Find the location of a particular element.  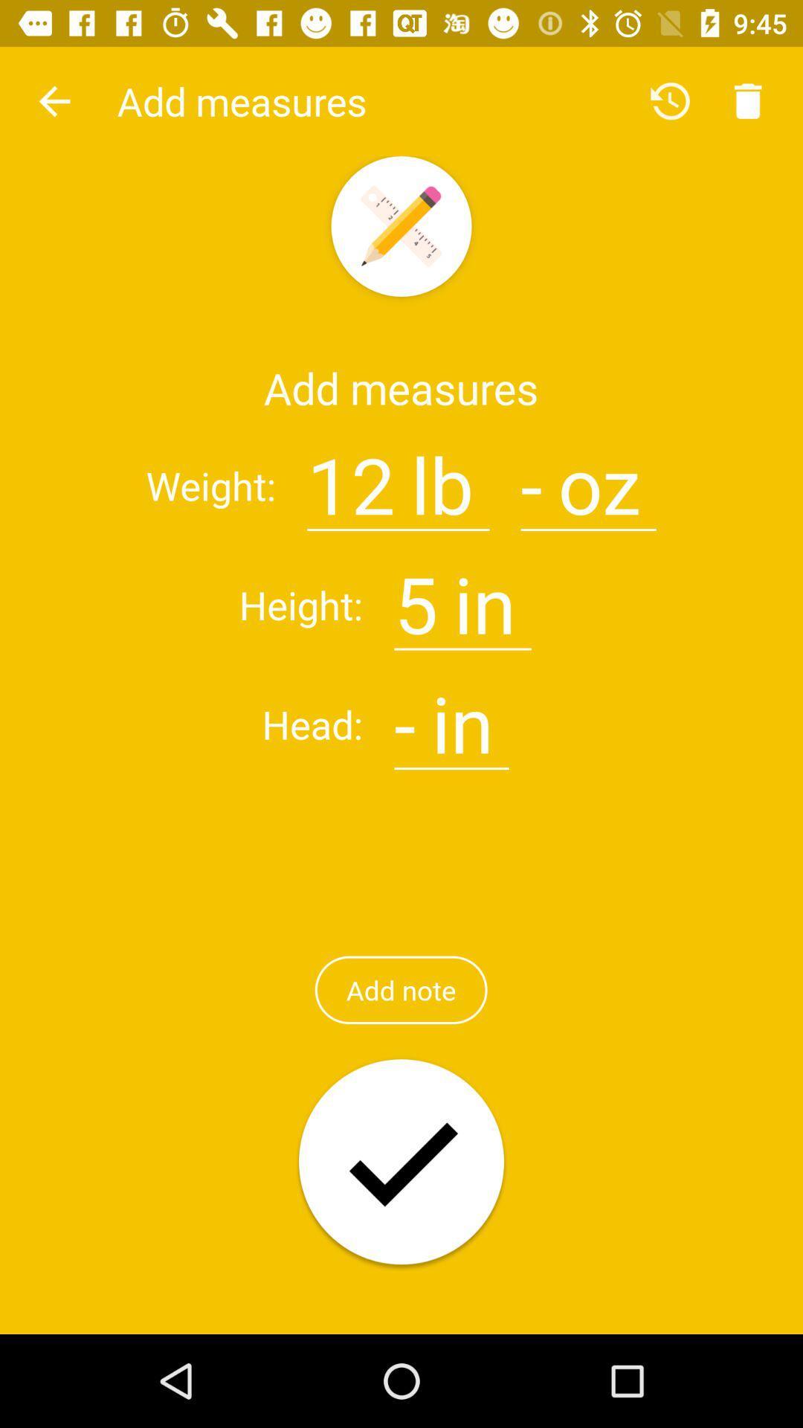

option is located at coordinates (401, 1162).